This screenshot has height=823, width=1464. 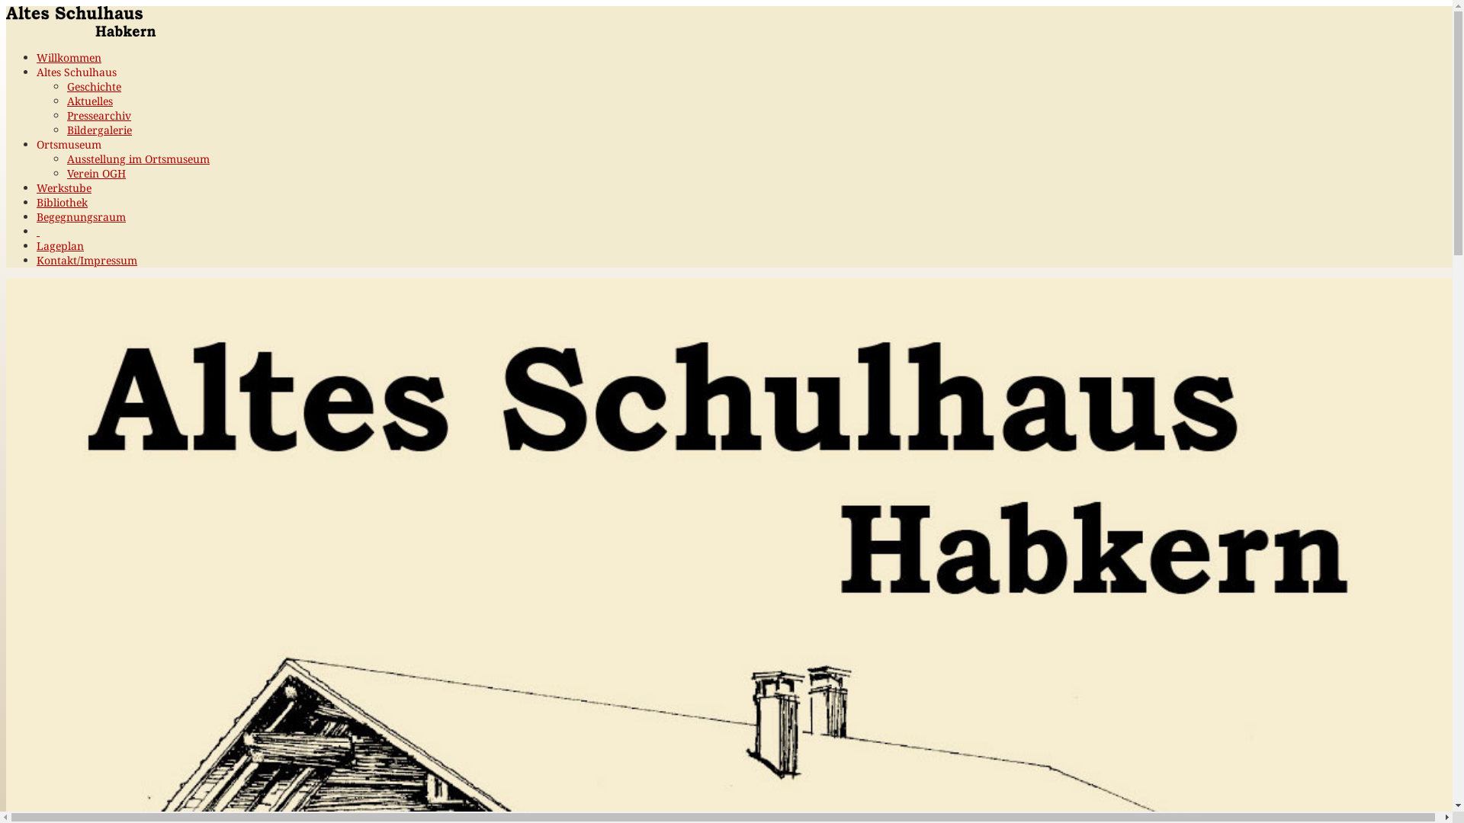 I want to click on 'Werkstube', so click(x=63, y=187).